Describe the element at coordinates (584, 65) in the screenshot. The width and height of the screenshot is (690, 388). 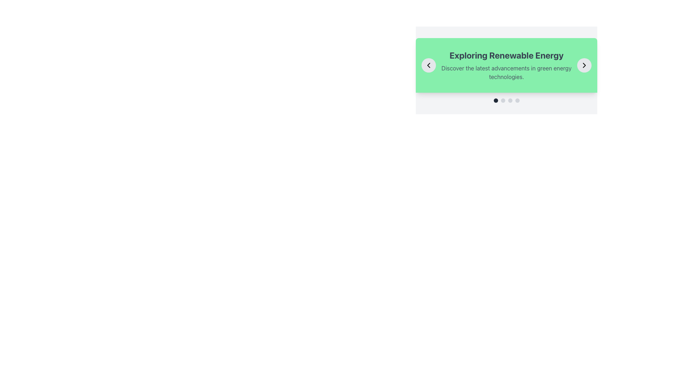
I see `the circular button with a gray background containing a black arrow icon pointing to the right, located at the right-hand side of the green card titled 'Exploring Renewable Energy'` at that location.